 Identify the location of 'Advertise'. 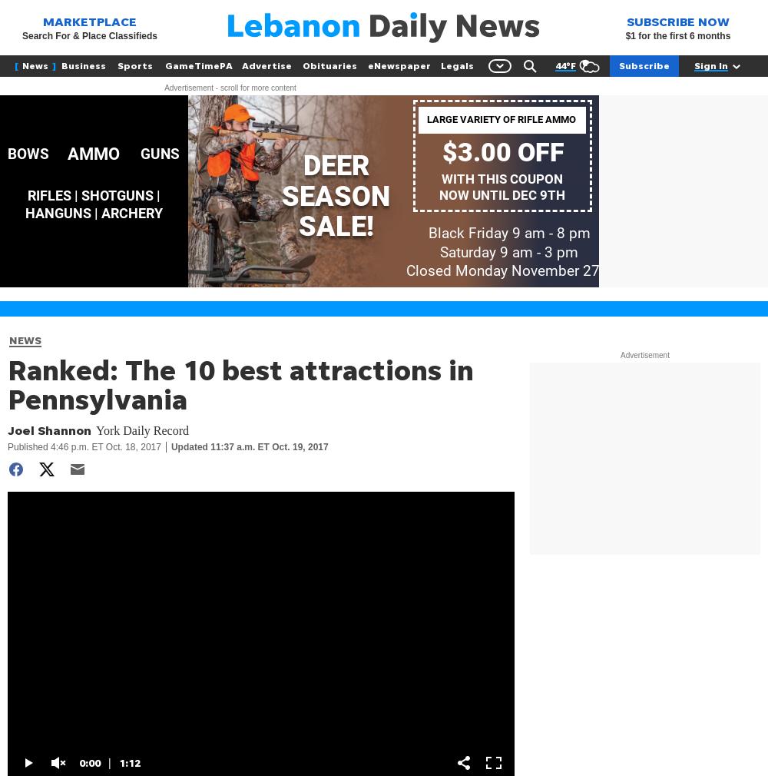
(266, 65).